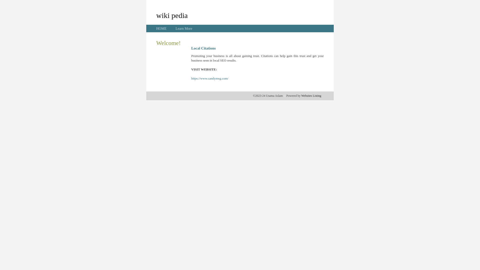 Image resolution: width=480 pixels, height=270 pixels. I want to click on 'https://www.candymsg.com/', so click(210, 78).